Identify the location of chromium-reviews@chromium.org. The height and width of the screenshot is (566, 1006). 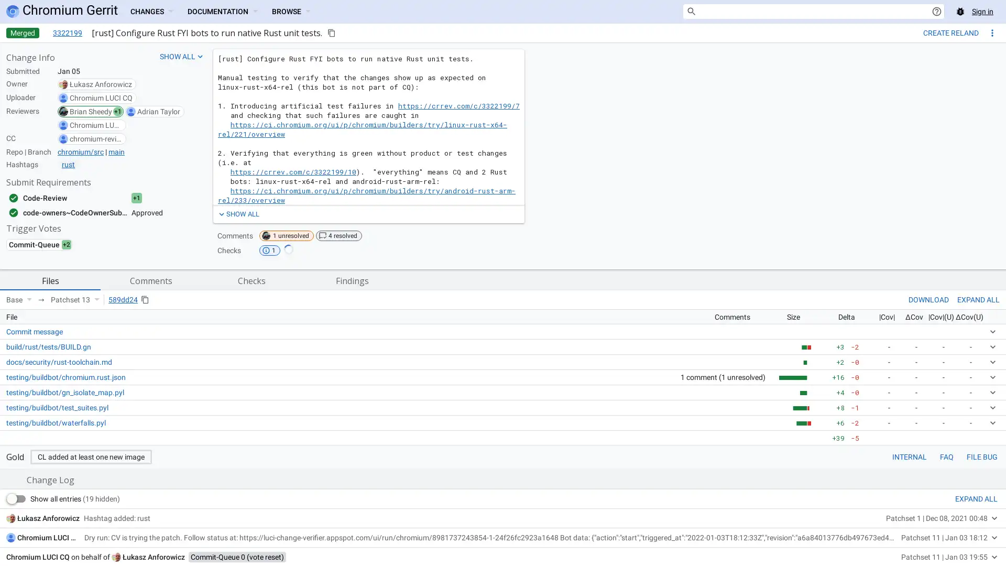
(95, 138).